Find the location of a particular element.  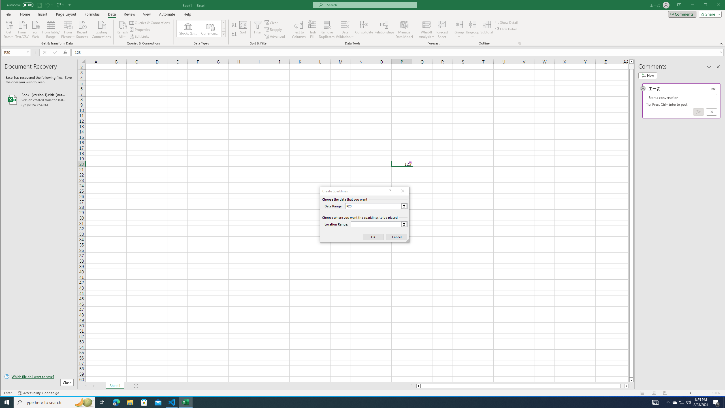

'Add Sheet' is located at coordinates (136, 386).